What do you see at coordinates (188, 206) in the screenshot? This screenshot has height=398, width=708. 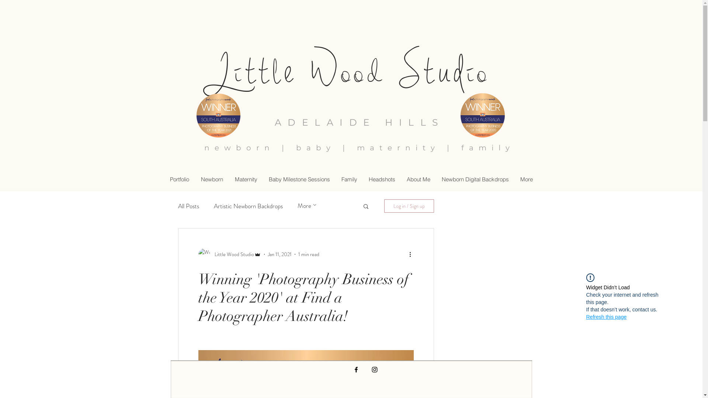 I see `'All Posts'` at bounding box center [188, 206].